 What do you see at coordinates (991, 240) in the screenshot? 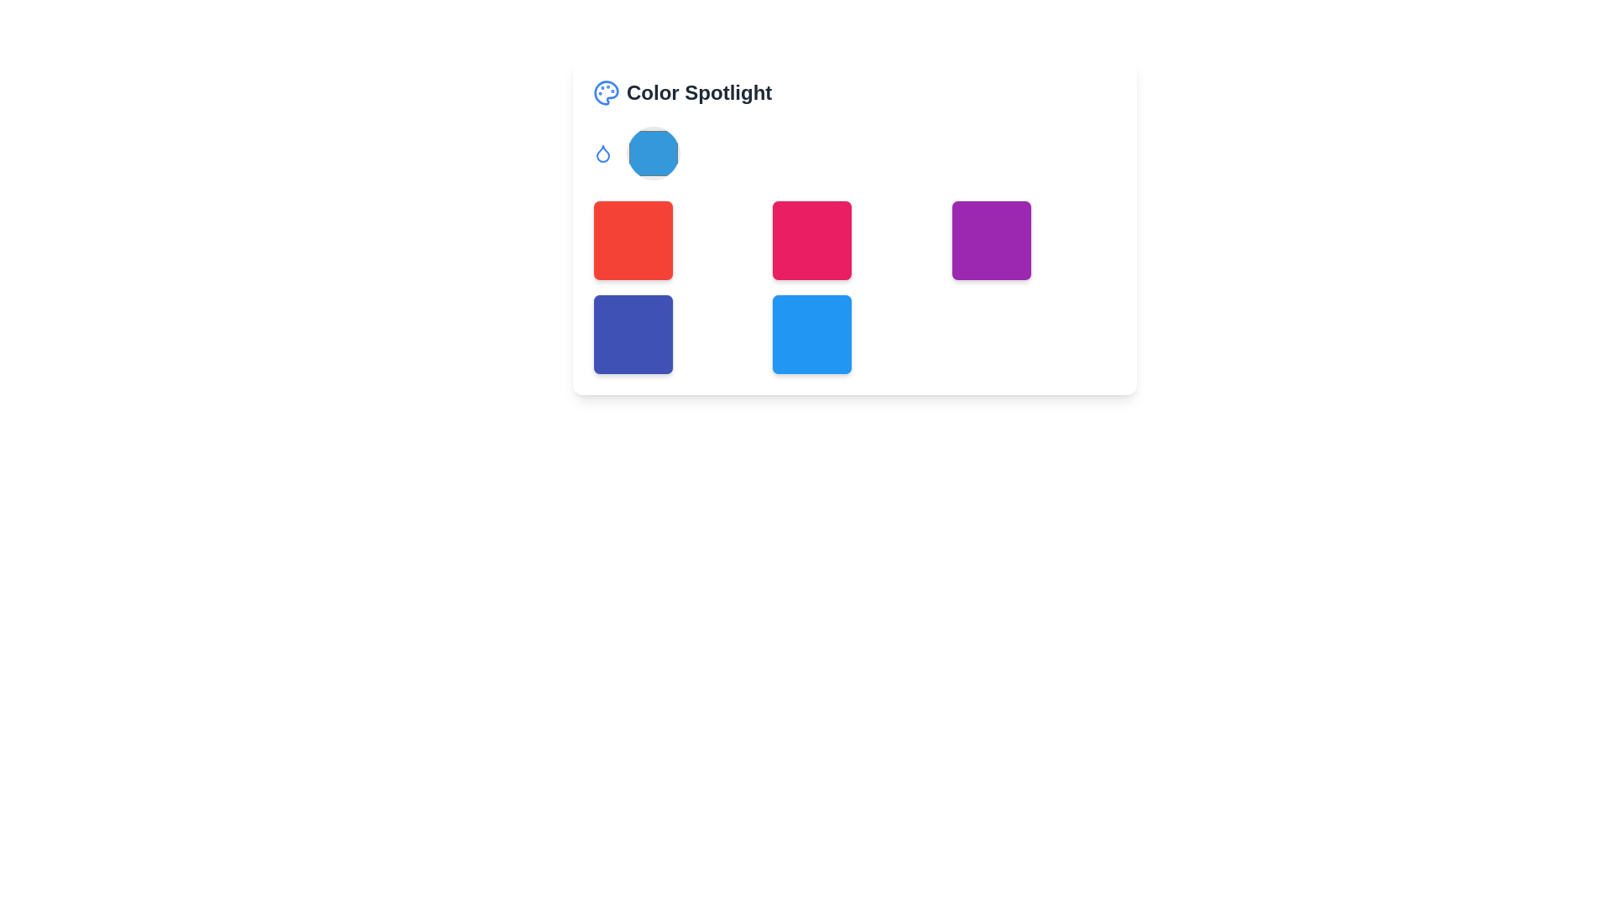
I see `the distinct purple square with rounded corners and a shadow effect, located in the top row of the grid layout` at bounding box center [991, 240].